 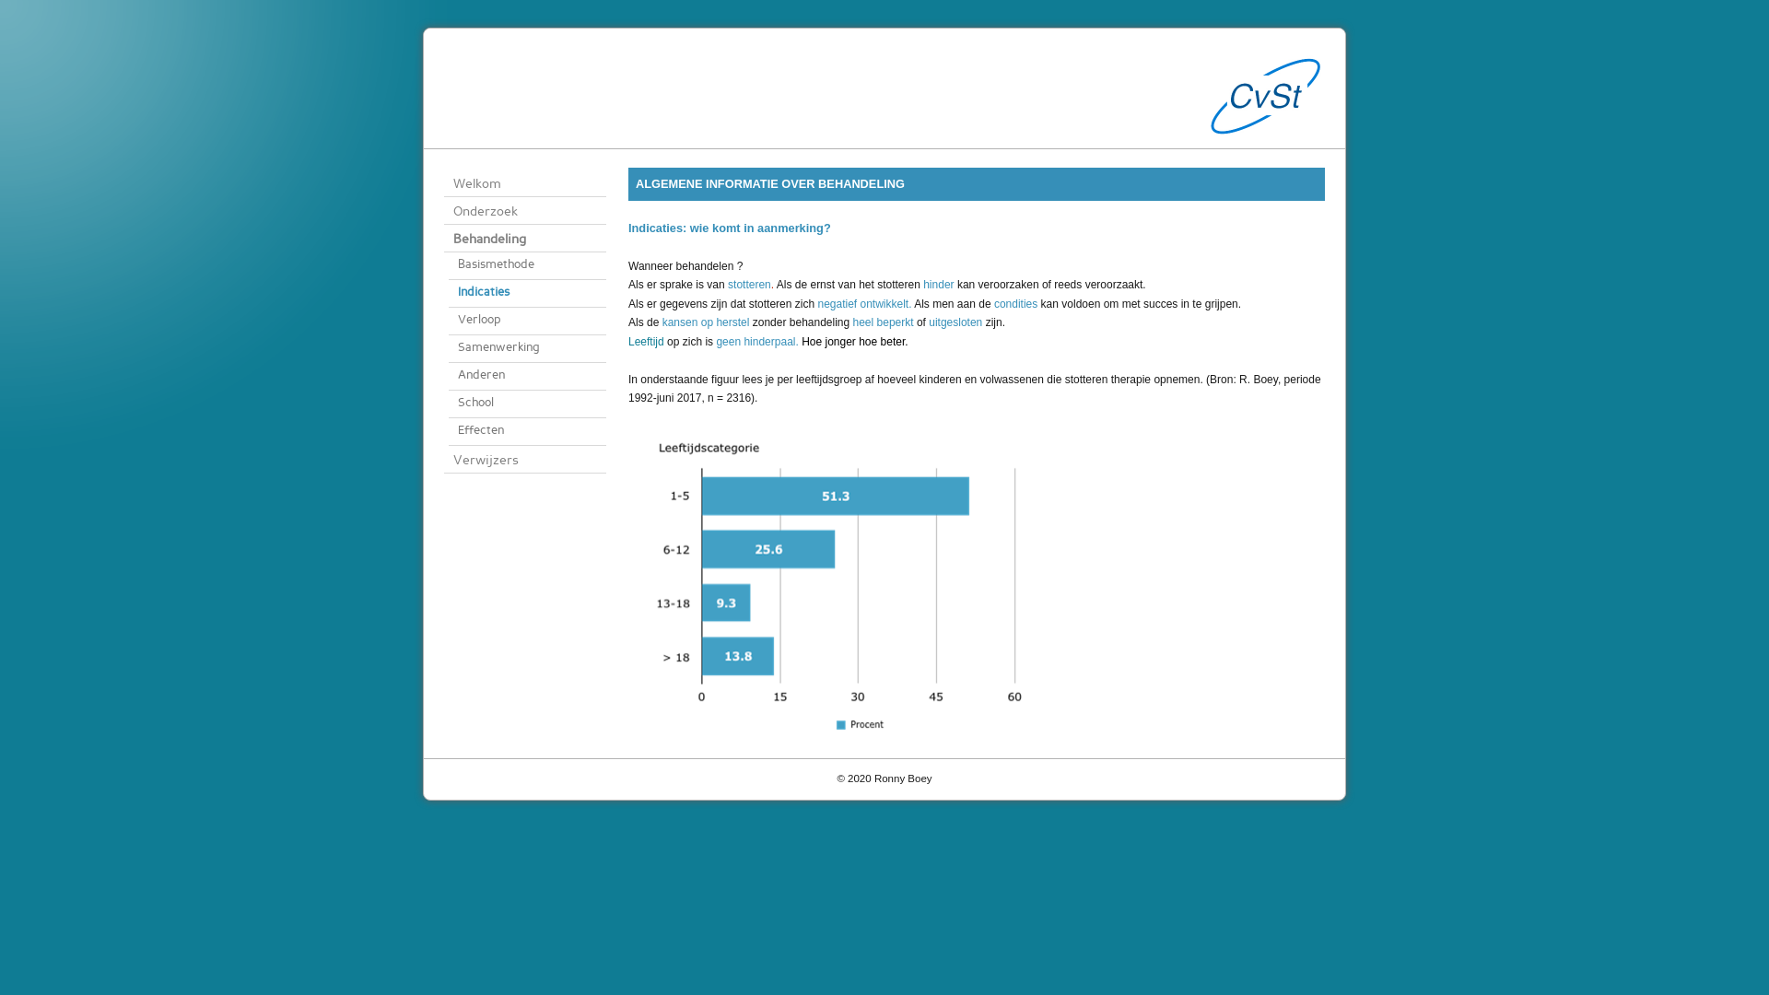 What do you see at coordinates (526, 404) in the screenshot?
I see `'School'` at bounding box center [526, 404].